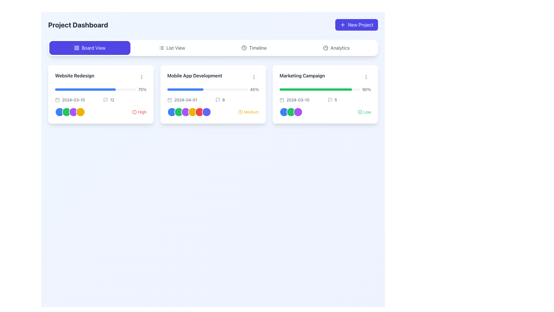 Image resolution: width=554 pixels, height=312 pixels. I want to click on the high priority text label indicating significance, which is positioned to the right of a red circular alert icon within the 'Website Redesign' card, so click(142, 112).